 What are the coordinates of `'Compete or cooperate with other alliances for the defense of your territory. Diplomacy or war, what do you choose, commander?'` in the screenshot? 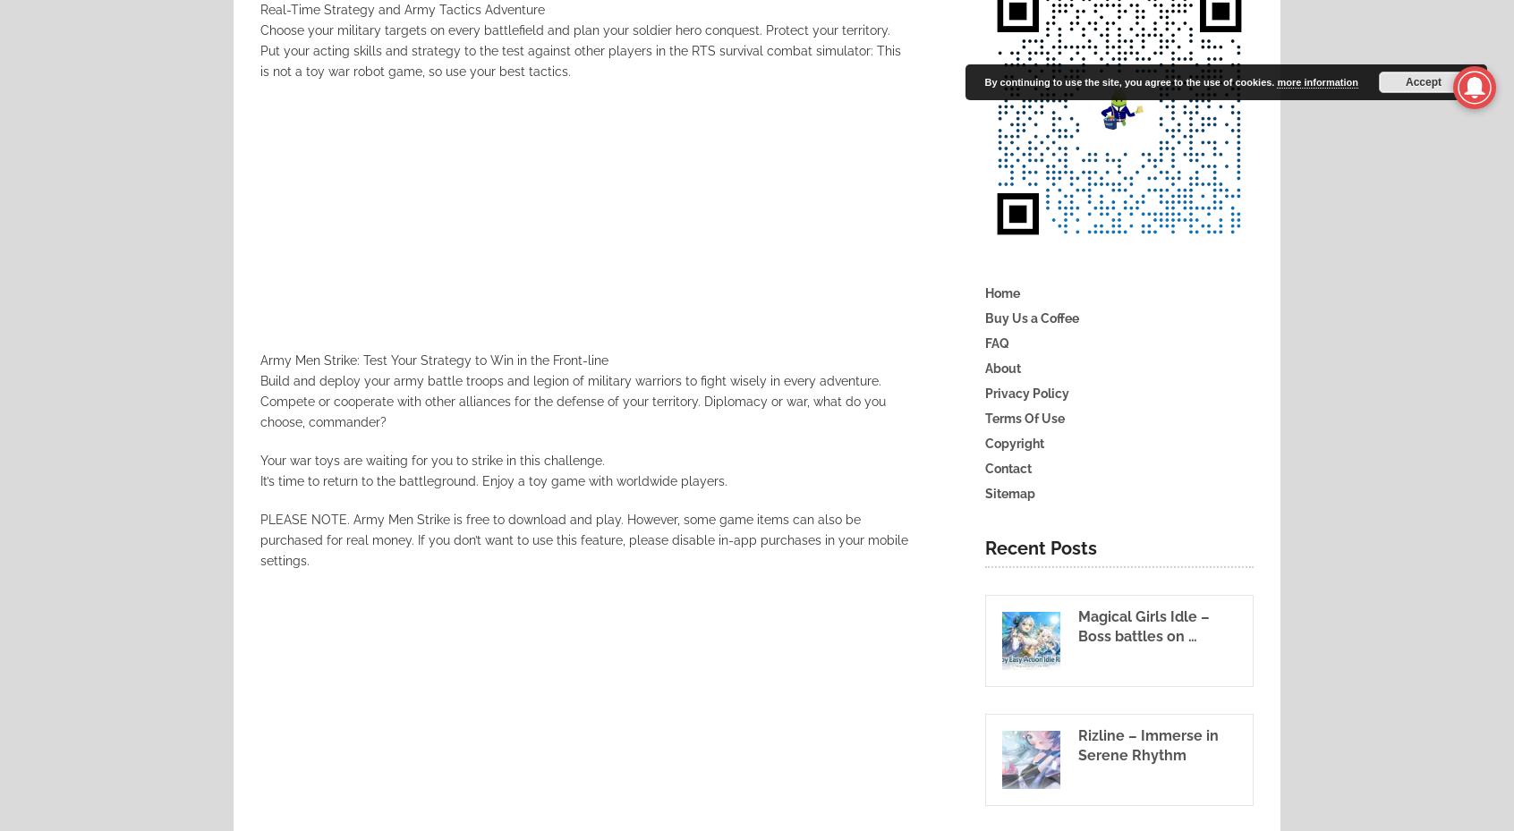 It's located at (573, 410).